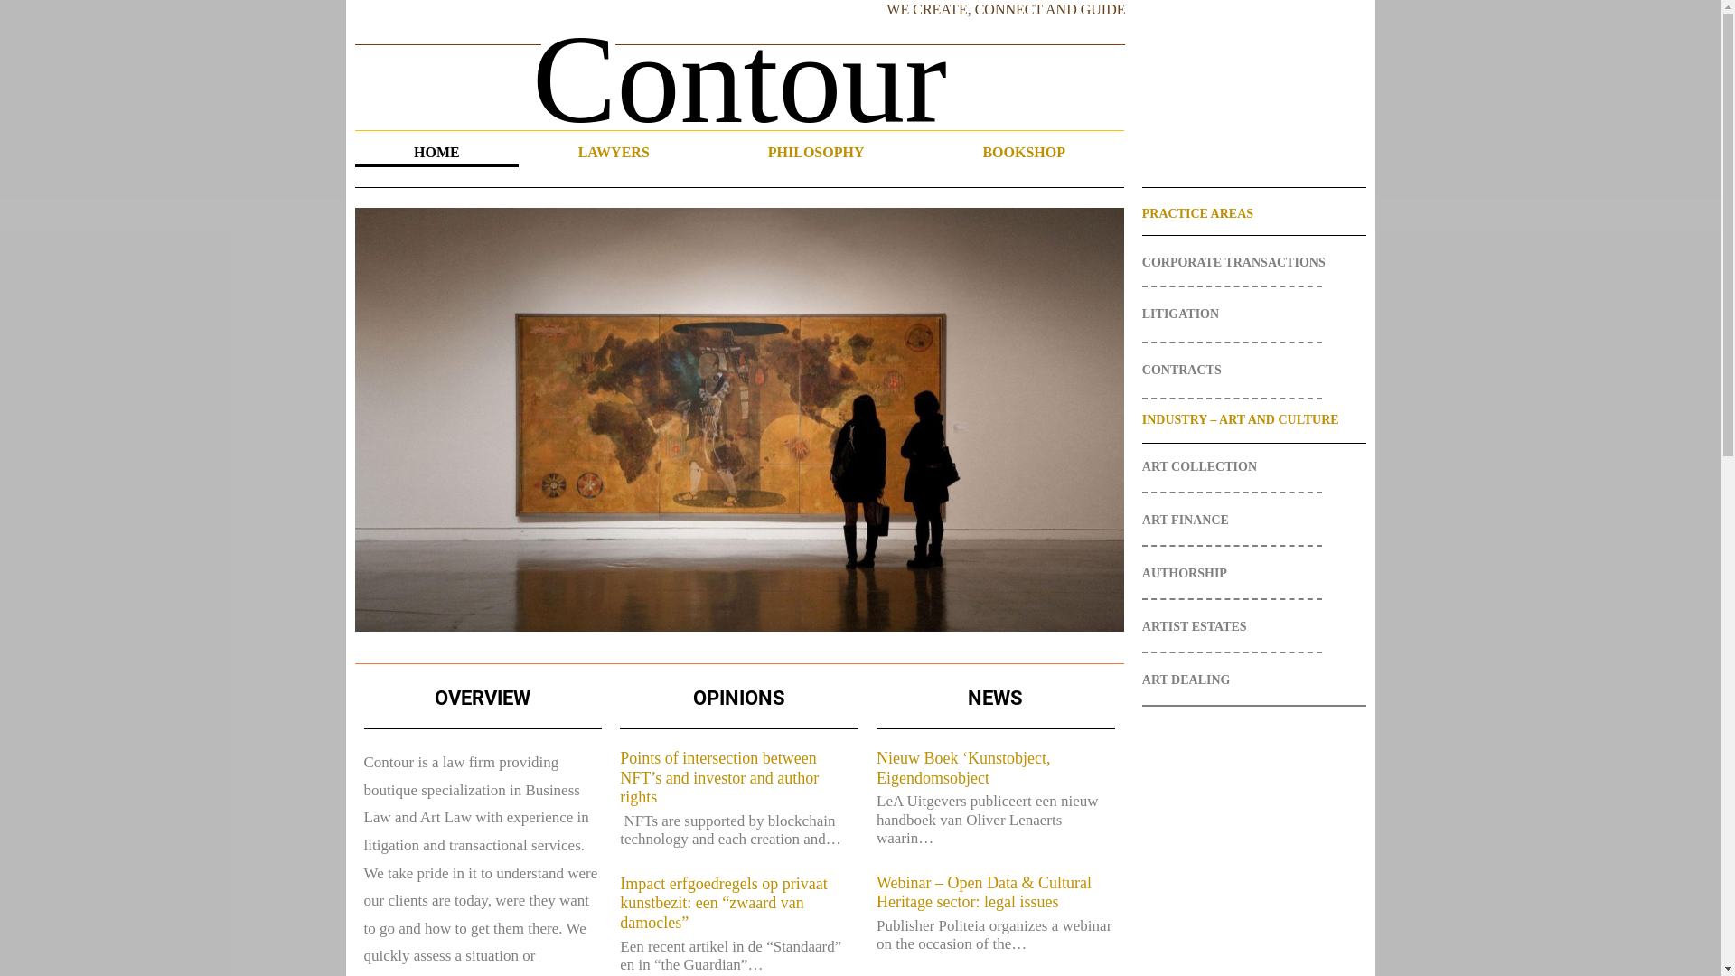 The width and height of the screenshot is (1735, 976). I want to click on 'LAWYERS', so click(613, 152).